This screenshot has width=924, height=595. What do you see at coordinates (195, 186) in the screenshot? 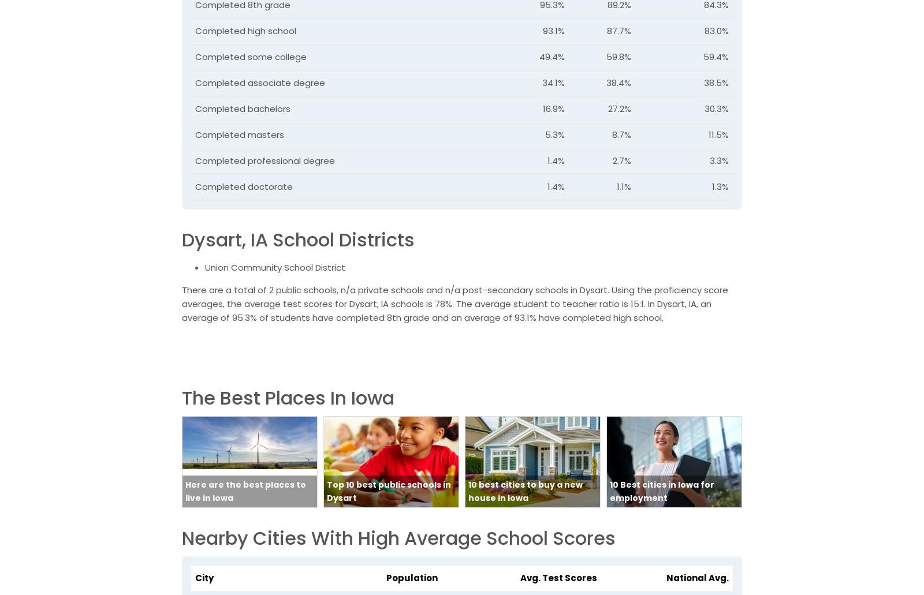
I see `'Completed doctorate'` at bounding box center [195, 186].